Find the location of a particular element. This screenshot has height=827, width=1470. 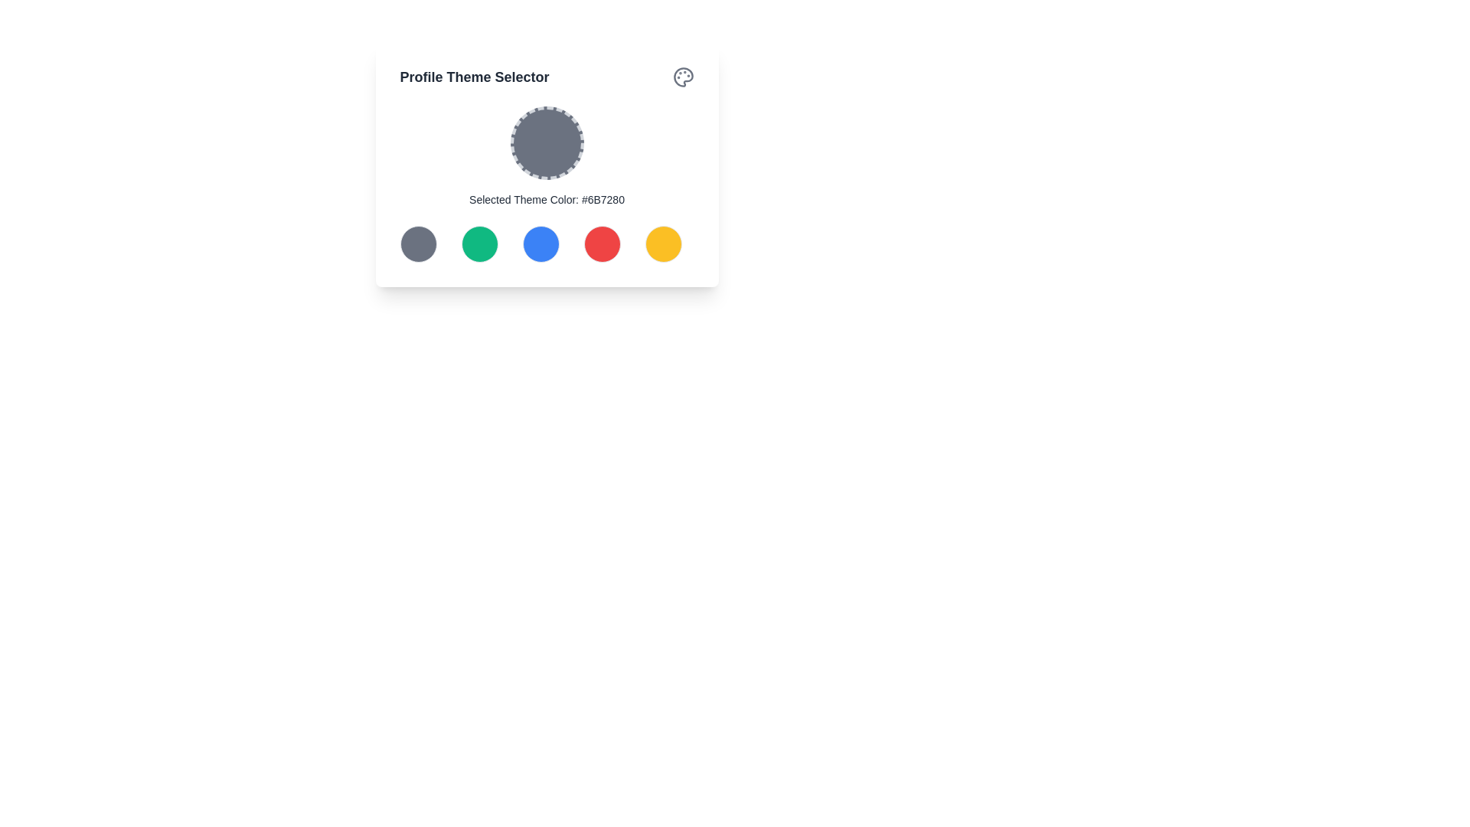

the gray painter's palette icon located in the top-right corner of the interface's card component, next to the heading 'Profile Theme Selector' is located at coordinates (682, 77).